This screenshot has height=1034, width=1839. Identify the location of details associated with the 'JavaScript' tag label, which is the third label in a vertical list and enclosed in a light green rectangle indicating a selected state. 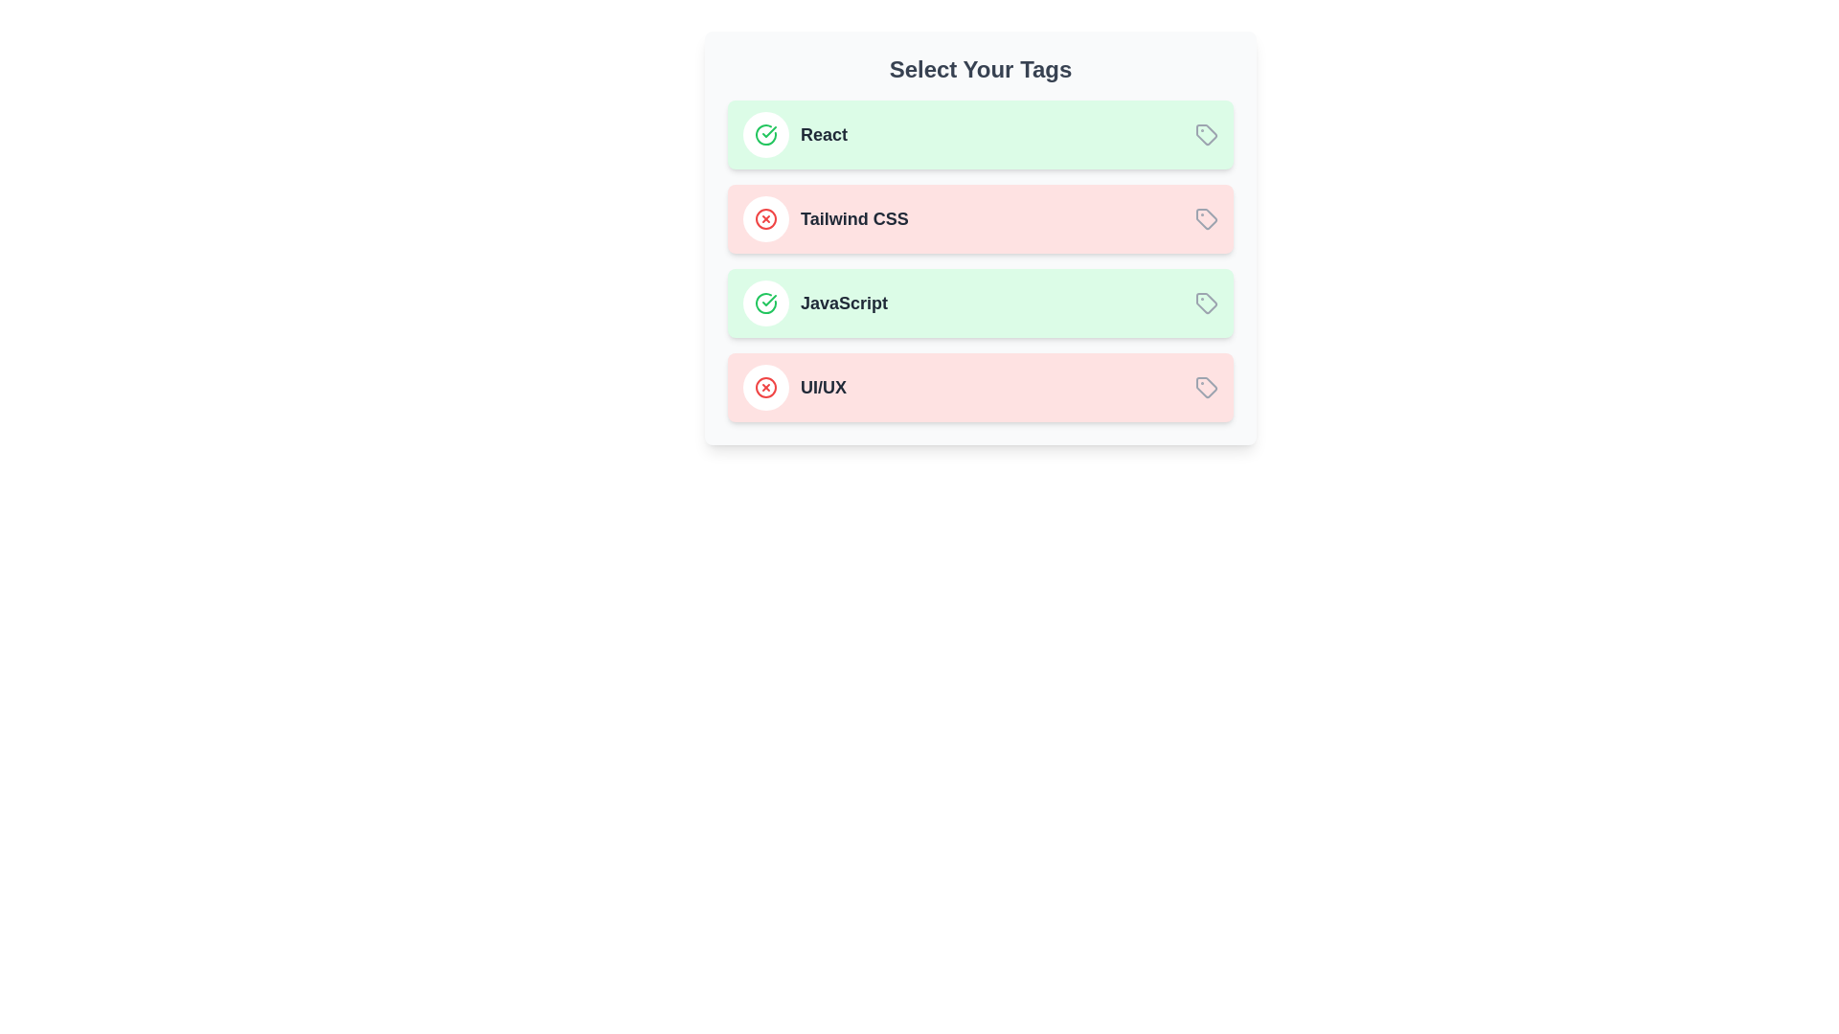
(843, 302).